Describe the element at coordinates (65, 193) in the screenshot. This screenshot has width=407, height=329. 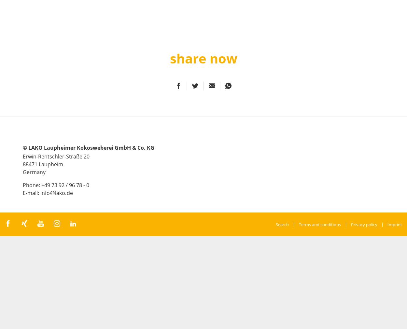
I see `'.'` at that location.